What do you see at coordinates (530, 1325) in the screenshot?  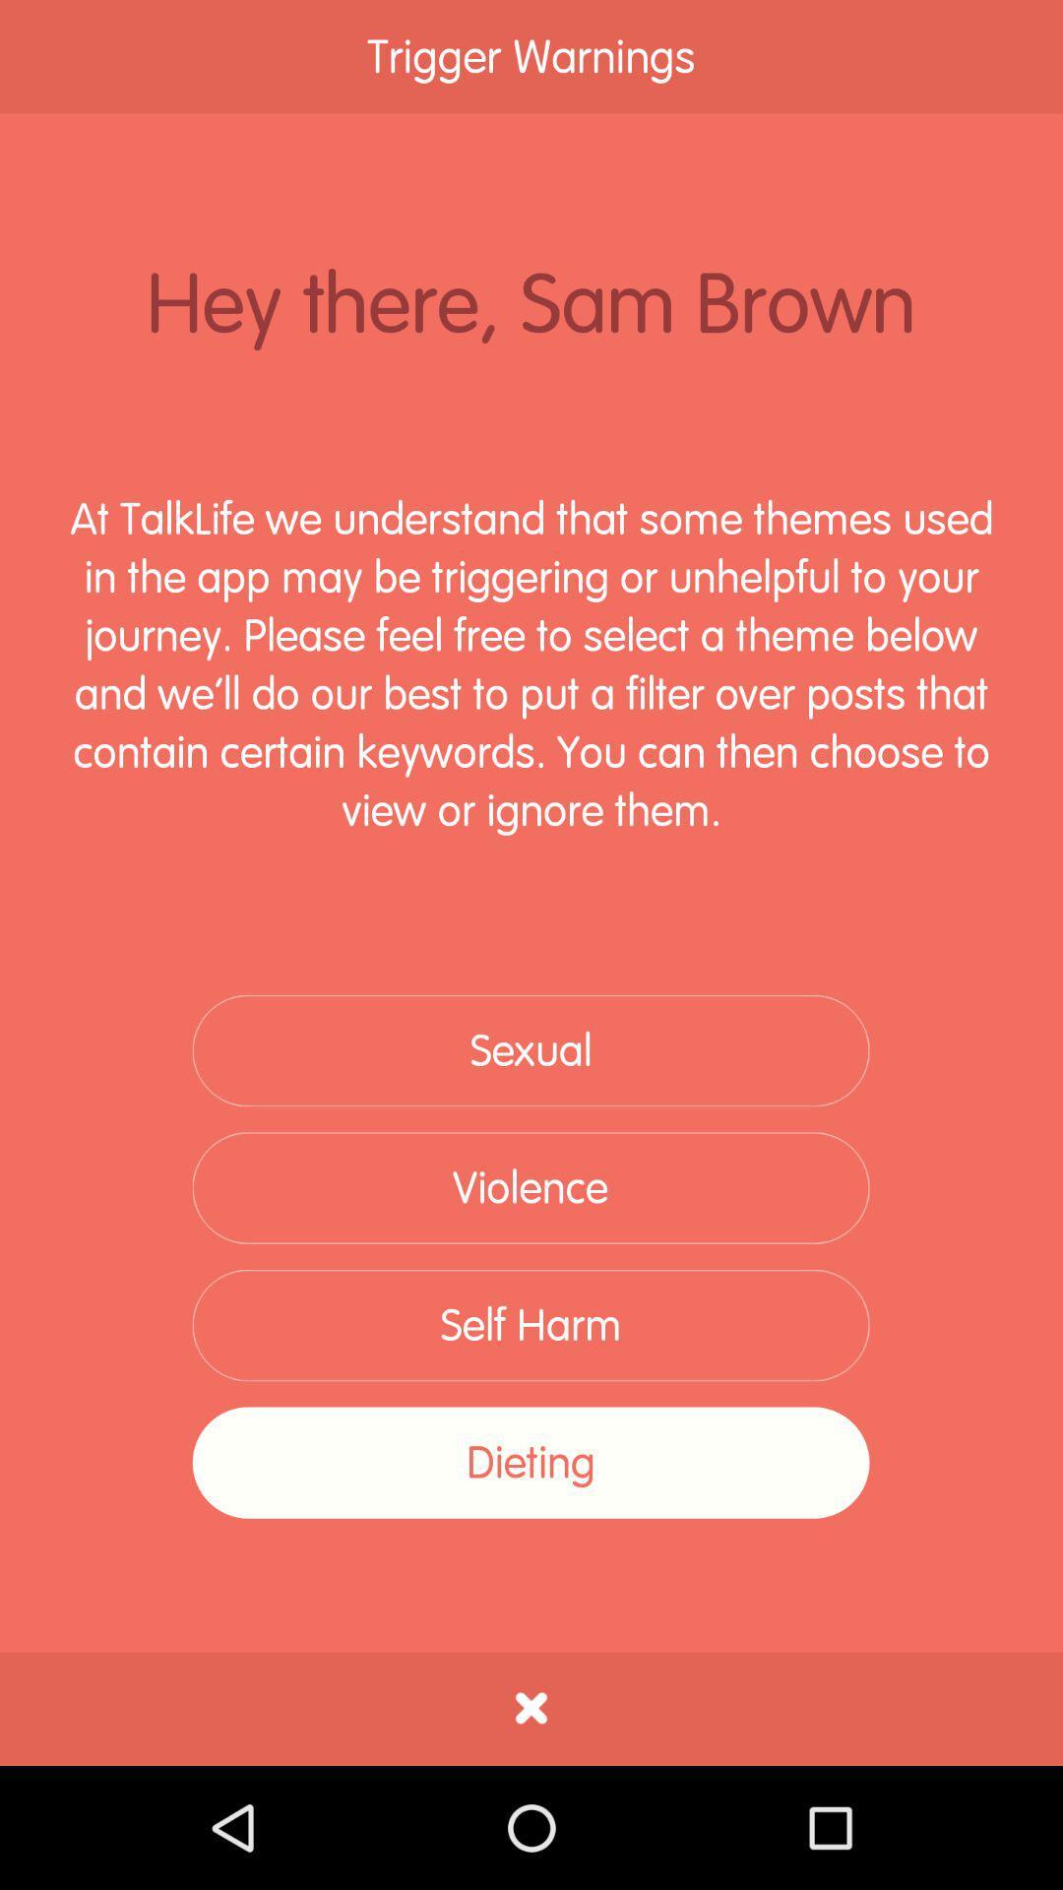 I see `the icon below the violence item` at bounding box center [530, 1325].